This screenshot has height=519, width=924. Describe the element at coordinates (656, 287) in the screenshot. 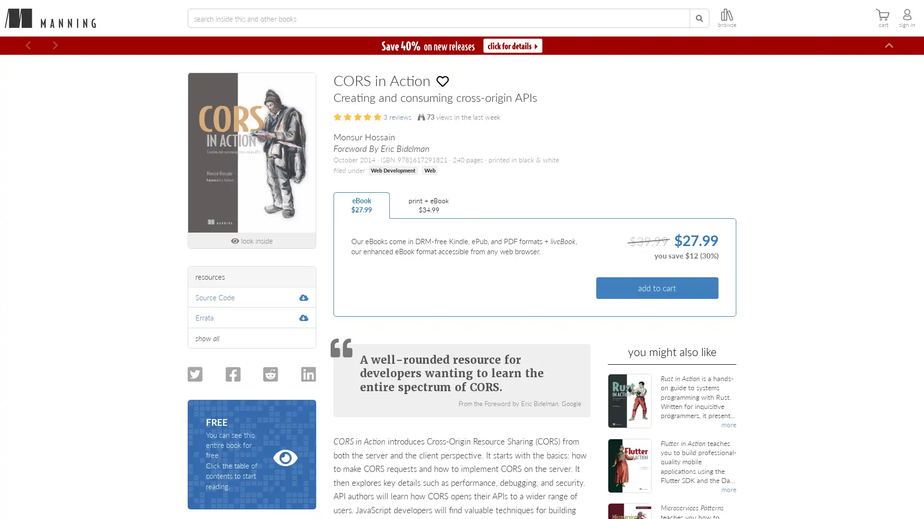

I see `add to cart` at that location.